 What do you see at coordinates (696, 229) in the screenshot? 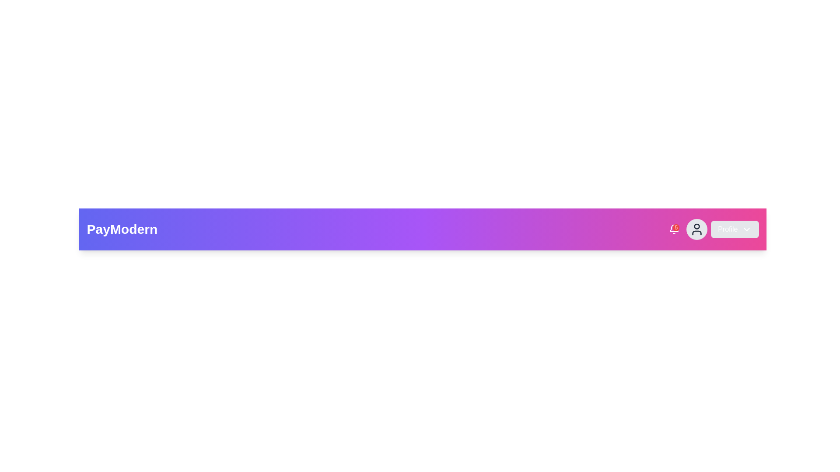
I see `the user icon resembling a person, located at the top-right corner of the user interface` at bounding box center [696, 229].